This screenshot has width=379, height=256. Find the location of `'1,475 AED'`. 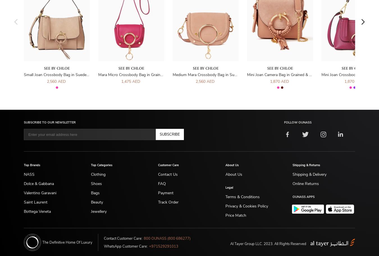

'1,475 AED' is located at coordinates (130, 81).